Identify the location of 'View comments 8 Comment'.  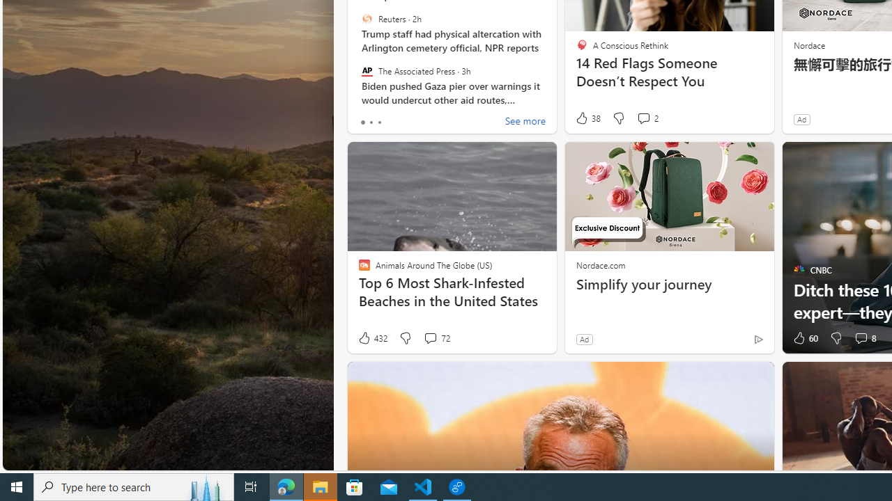
(860, 338).